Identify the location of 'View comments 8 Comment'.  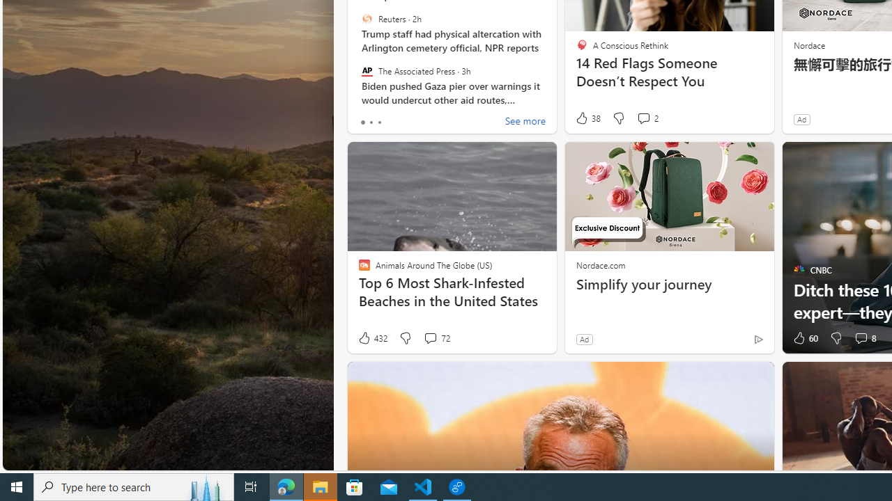
(860, 338).